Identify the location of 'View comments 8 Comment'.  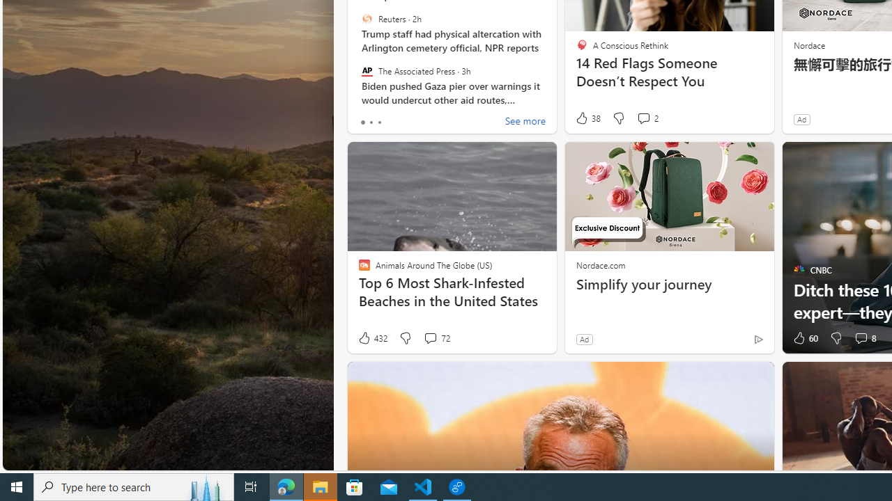
(860, 338).